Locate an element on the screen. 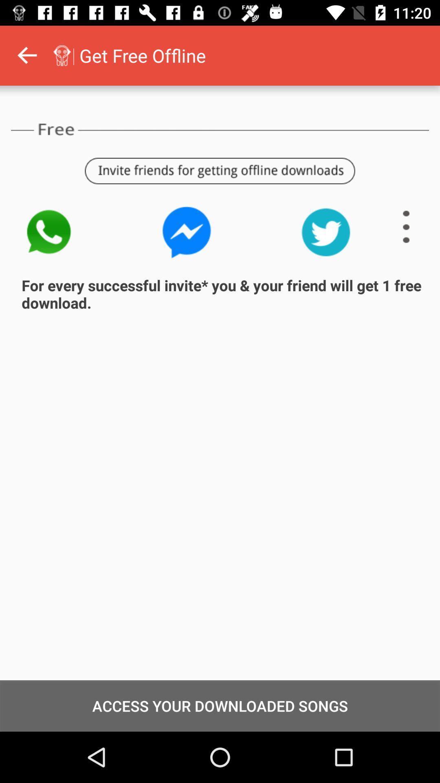  icon above for every successful is located at coordinates (187, 232).